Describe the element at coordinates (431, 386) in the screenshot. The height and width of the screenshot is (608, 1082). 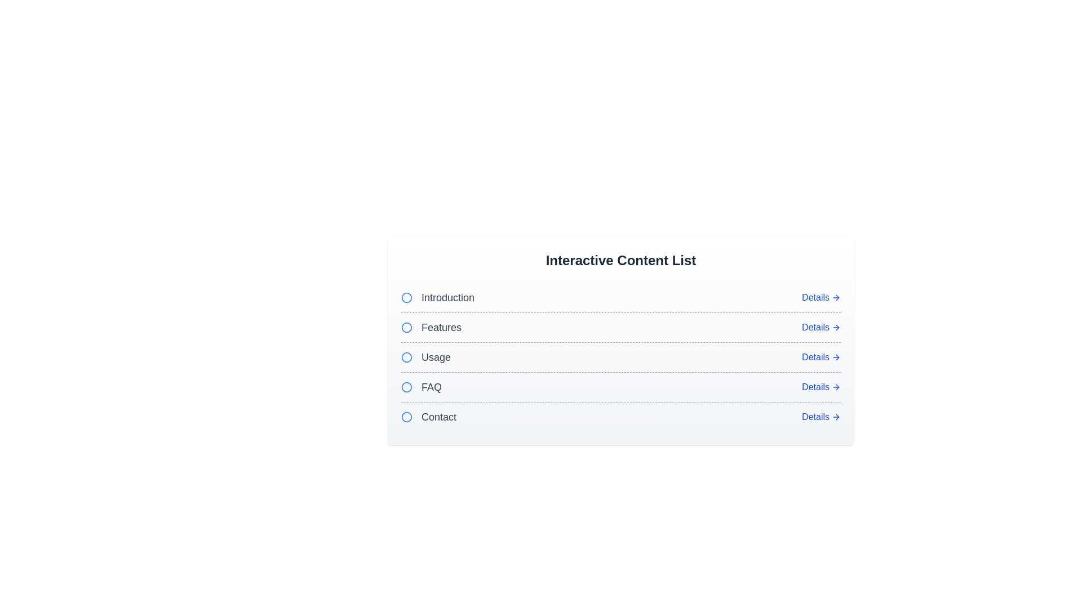
I see `the 'FAQ' text label in the fourth position of the Interactive Content List section` at that location.